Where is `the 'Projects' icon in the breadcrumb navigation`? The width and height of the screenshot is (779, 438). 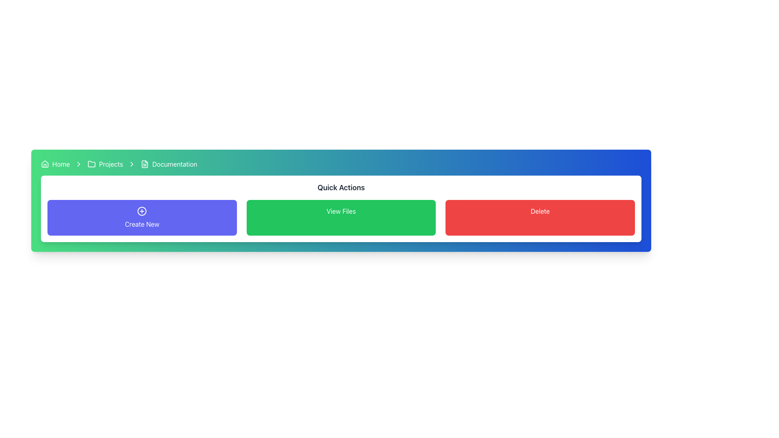
the 'Projects' icon in the breadcrumb navigation is located at coordinates (92, 164).